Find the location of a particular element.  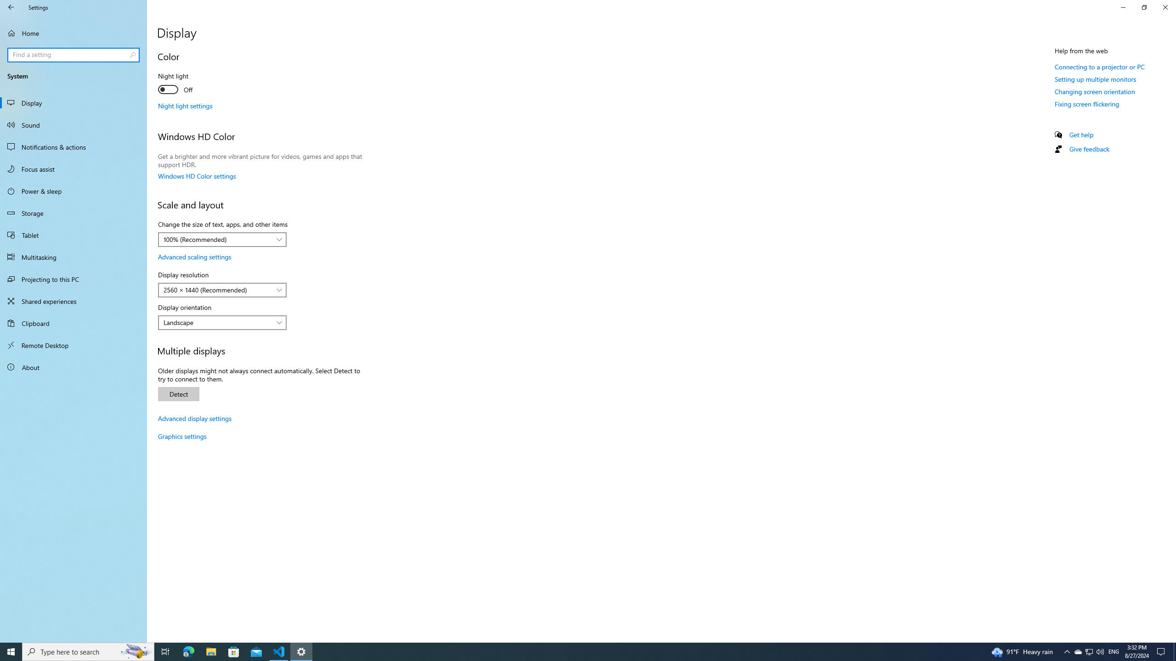

'Restore Settings' is located at coordinates (1144, 7).